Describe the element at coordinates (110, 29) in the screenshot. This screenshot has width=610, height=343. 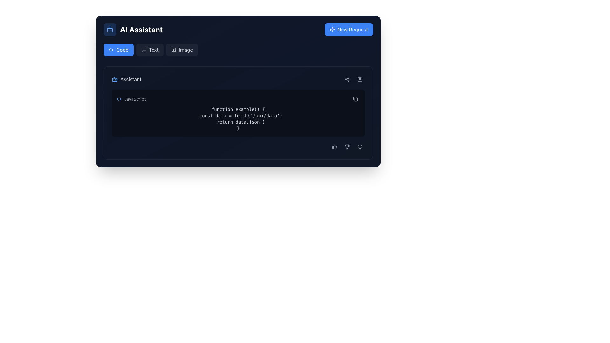
I see `the blue square Icon button with a rounded border and a robot head icon located near the top-left part of the interface` at that location.